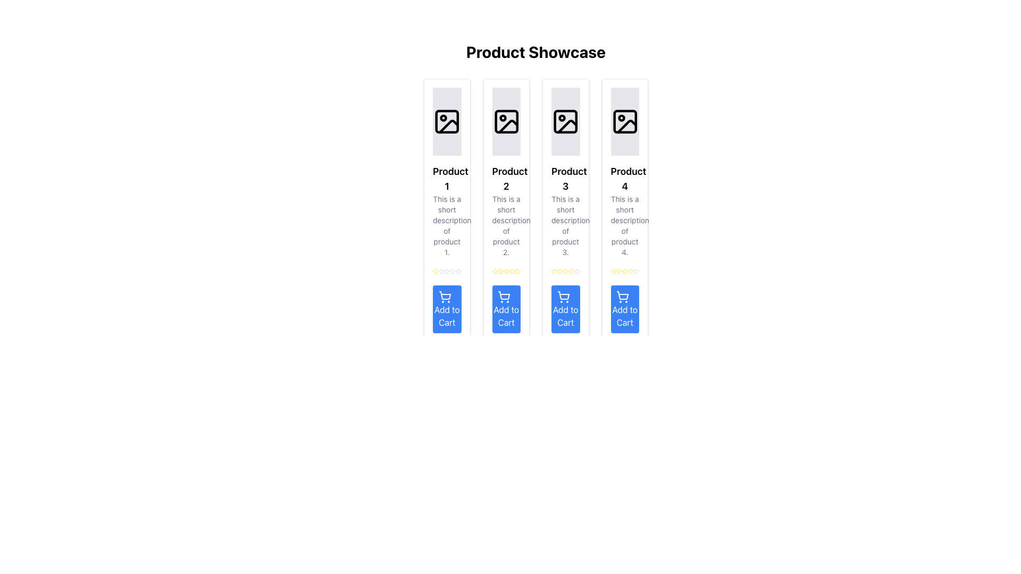 This screenshot has width=1021, height=574. Describe the element at coordinates (565, 271) in the screenshot. I see `the fourth yellow star rating icon under Product 3 to rate it` at that location.